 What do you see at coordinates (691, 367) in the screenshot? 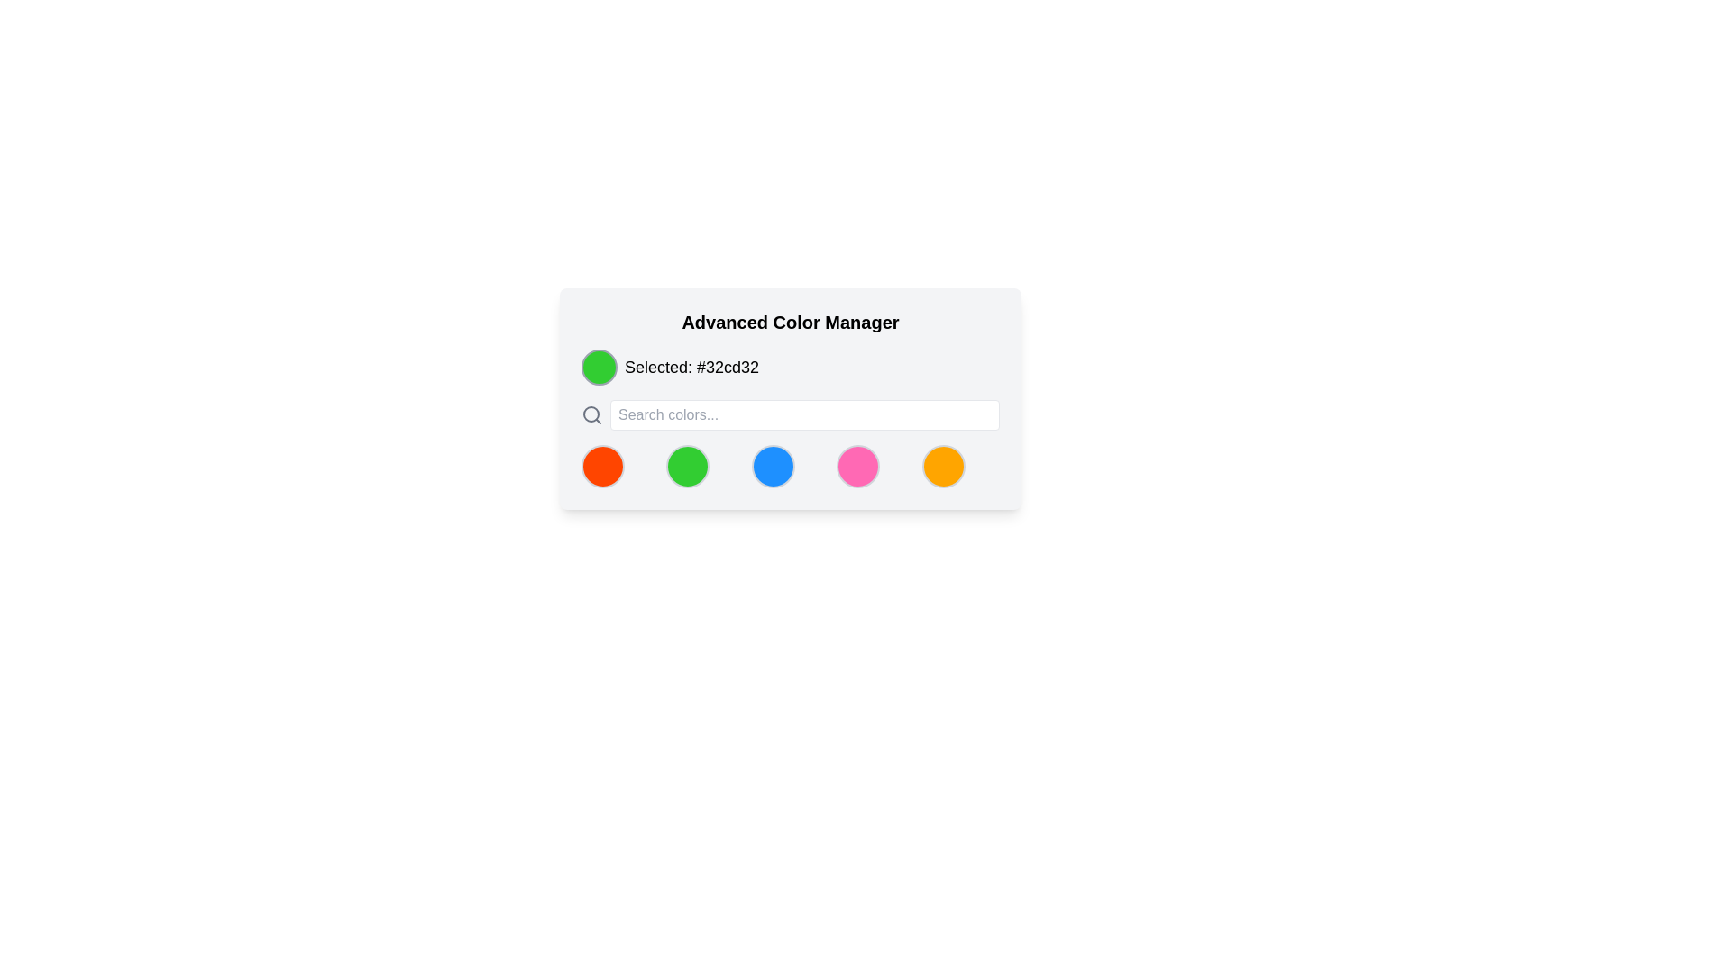
I see `color information displayed in the static text label that shows the word 'Selected' and the corresponding hexadecimal code for the color, positioned immediately to the right of a green circle in the 'Advanced Color Manager' panel` at bounding box center [691, 367].